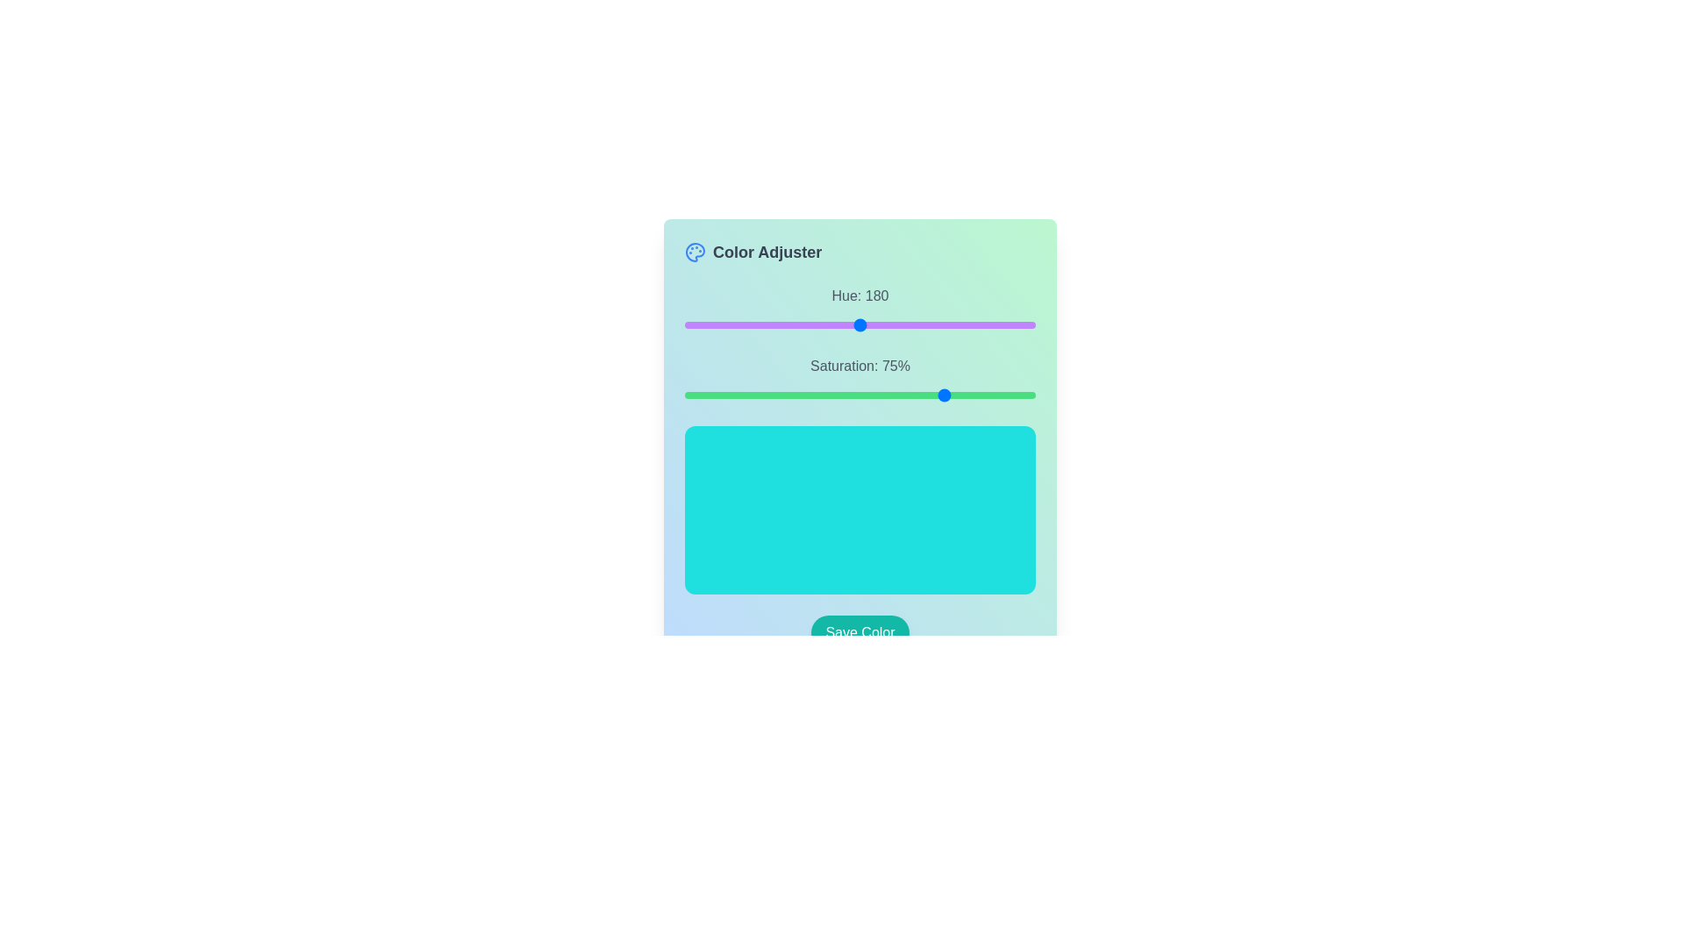  What do you see at coordinates (820, 395) in the screenshot?
I see `saturation` at bounding box center [820, 395].